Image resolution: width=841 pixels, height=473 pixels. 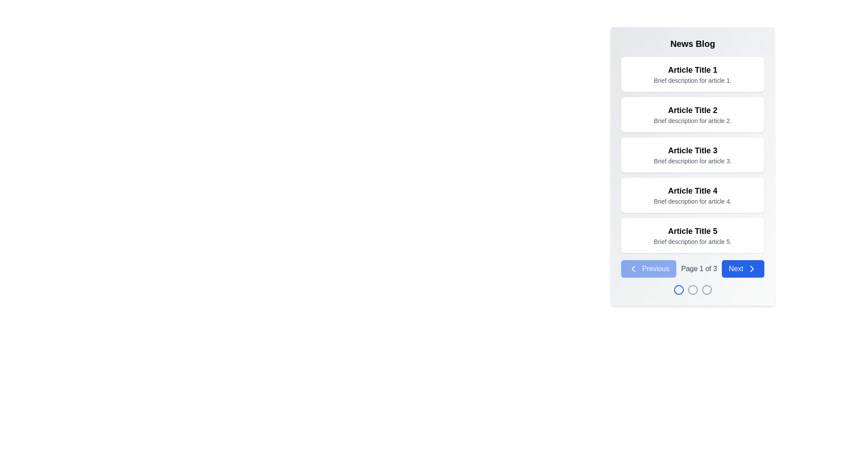 I want to click on the right-facing chevron icon located within the 'Next' button in the pagination section, so click(x=752, y=268).